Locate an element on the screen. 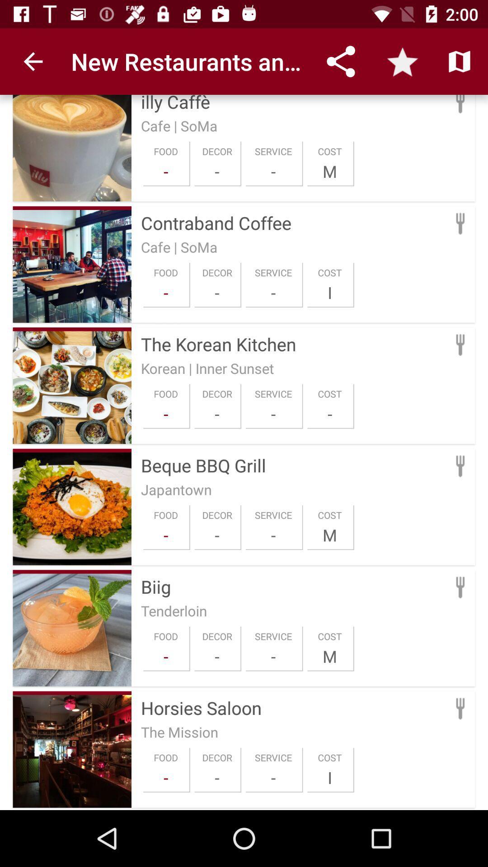 This screenshot has width=488, height=867. - item is located at coordinates (217, 413).